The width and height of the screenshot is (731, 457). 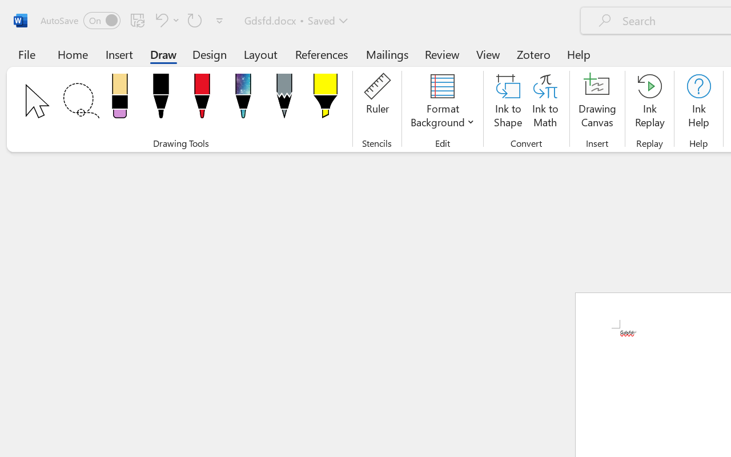 What do you see at coordinates (165, 19) in the screenshot?
I see `'Undo Apply Quick Style'` at bounding box center [165, 19].